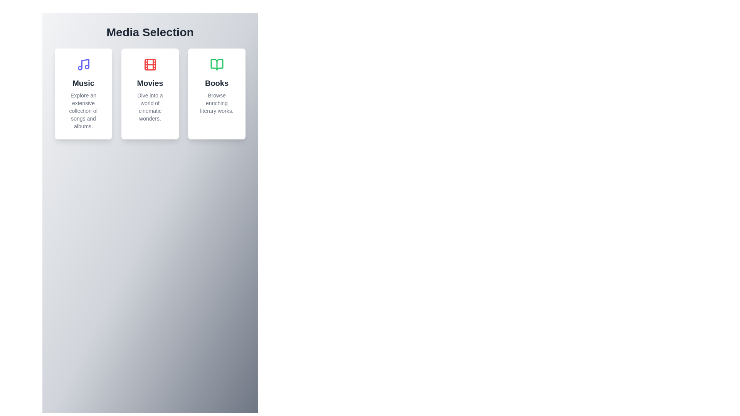 Image resolution: width=740 pixels, height=416 pixels. I want to click on the leftmost card element that has a blue music icon at the top, a bold title 'Music', and a description 'Explore an extensive collection of songs and albums.', so click(83, 93).